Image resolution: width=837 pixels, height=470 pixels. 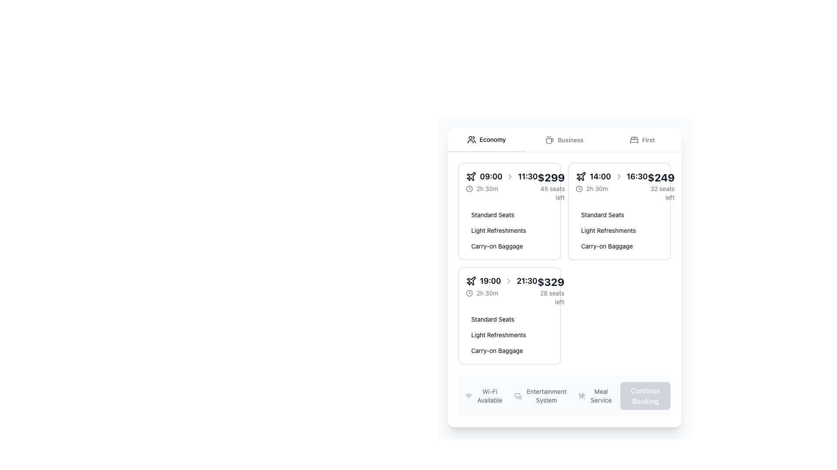 What do you see at coordinates (550, 282) in the screenshot?
I see `total price displayed in the top-right corner of the flight details card, which provides critical information for the customer` at bounding box center [550, 282].